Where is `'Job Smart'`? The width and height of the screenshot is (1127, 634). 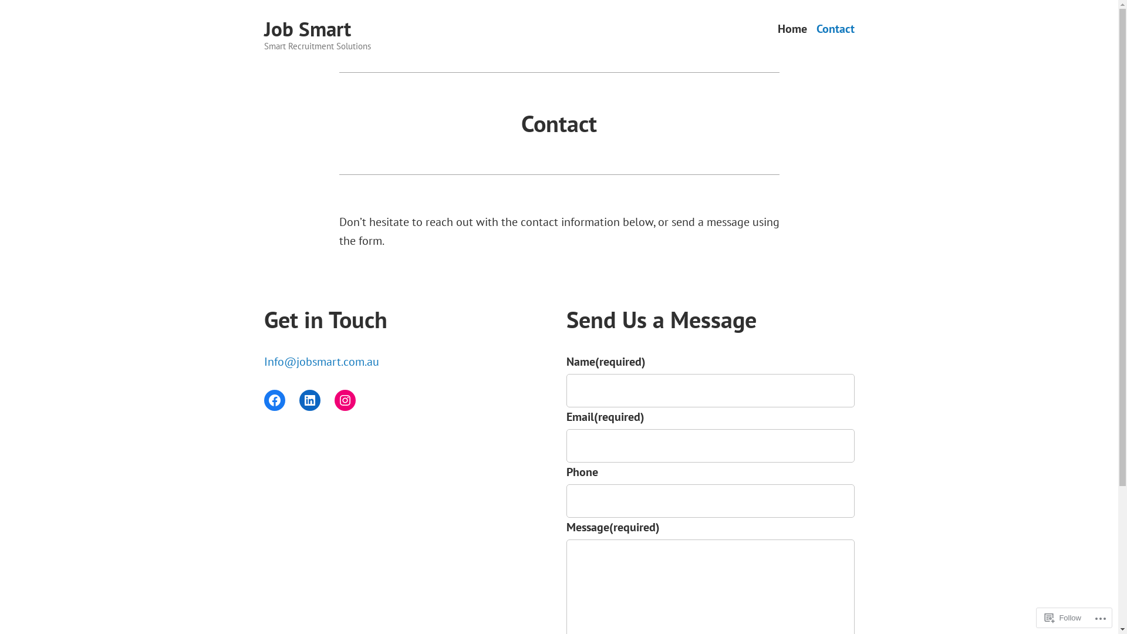
'Job Smart' is located at coordinates (307, 28).